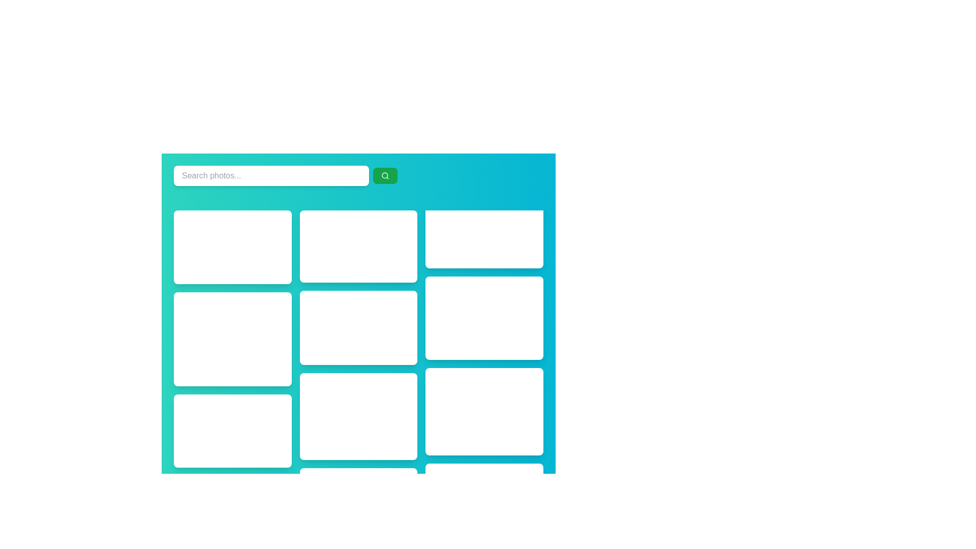  Describe the element at coordinates (385, 175) in the screenshot. I see `the green rounded rectangular button with a magnifying glass icon located to the right of the search input field` at that location.